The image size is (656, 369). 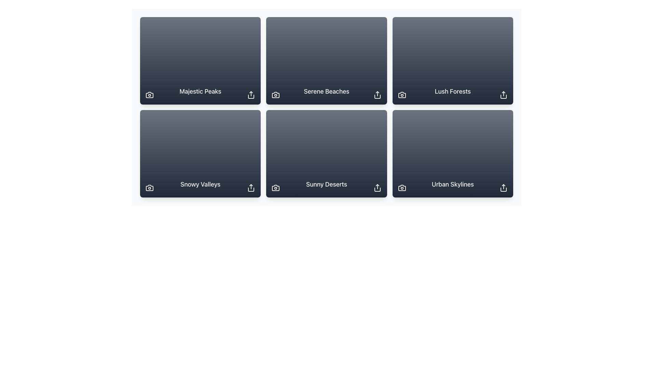 I want to click on text of the 'Lush Forests' label, which is a bold, white text label located in the upper-right card of a grid, centered in its card, so click(x=453, y=91).